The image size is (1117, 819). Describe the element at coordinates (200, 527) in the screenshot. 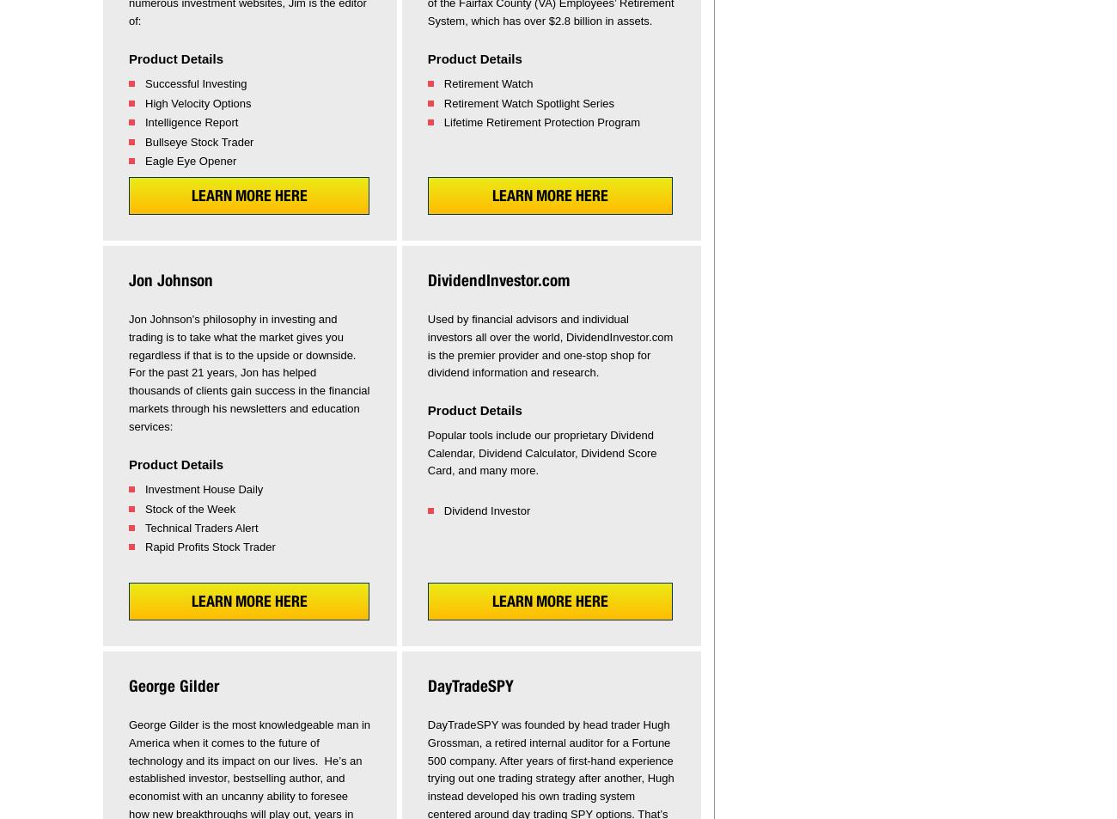

I see `'Technical Traders Alert'` at that location.